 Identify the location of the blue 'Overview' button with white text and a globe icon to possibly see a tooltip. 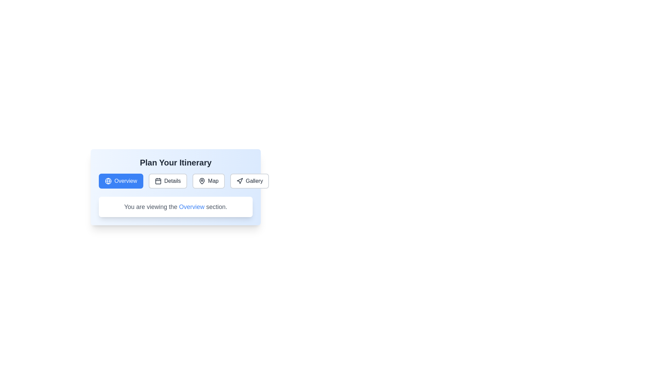
(121, 180).